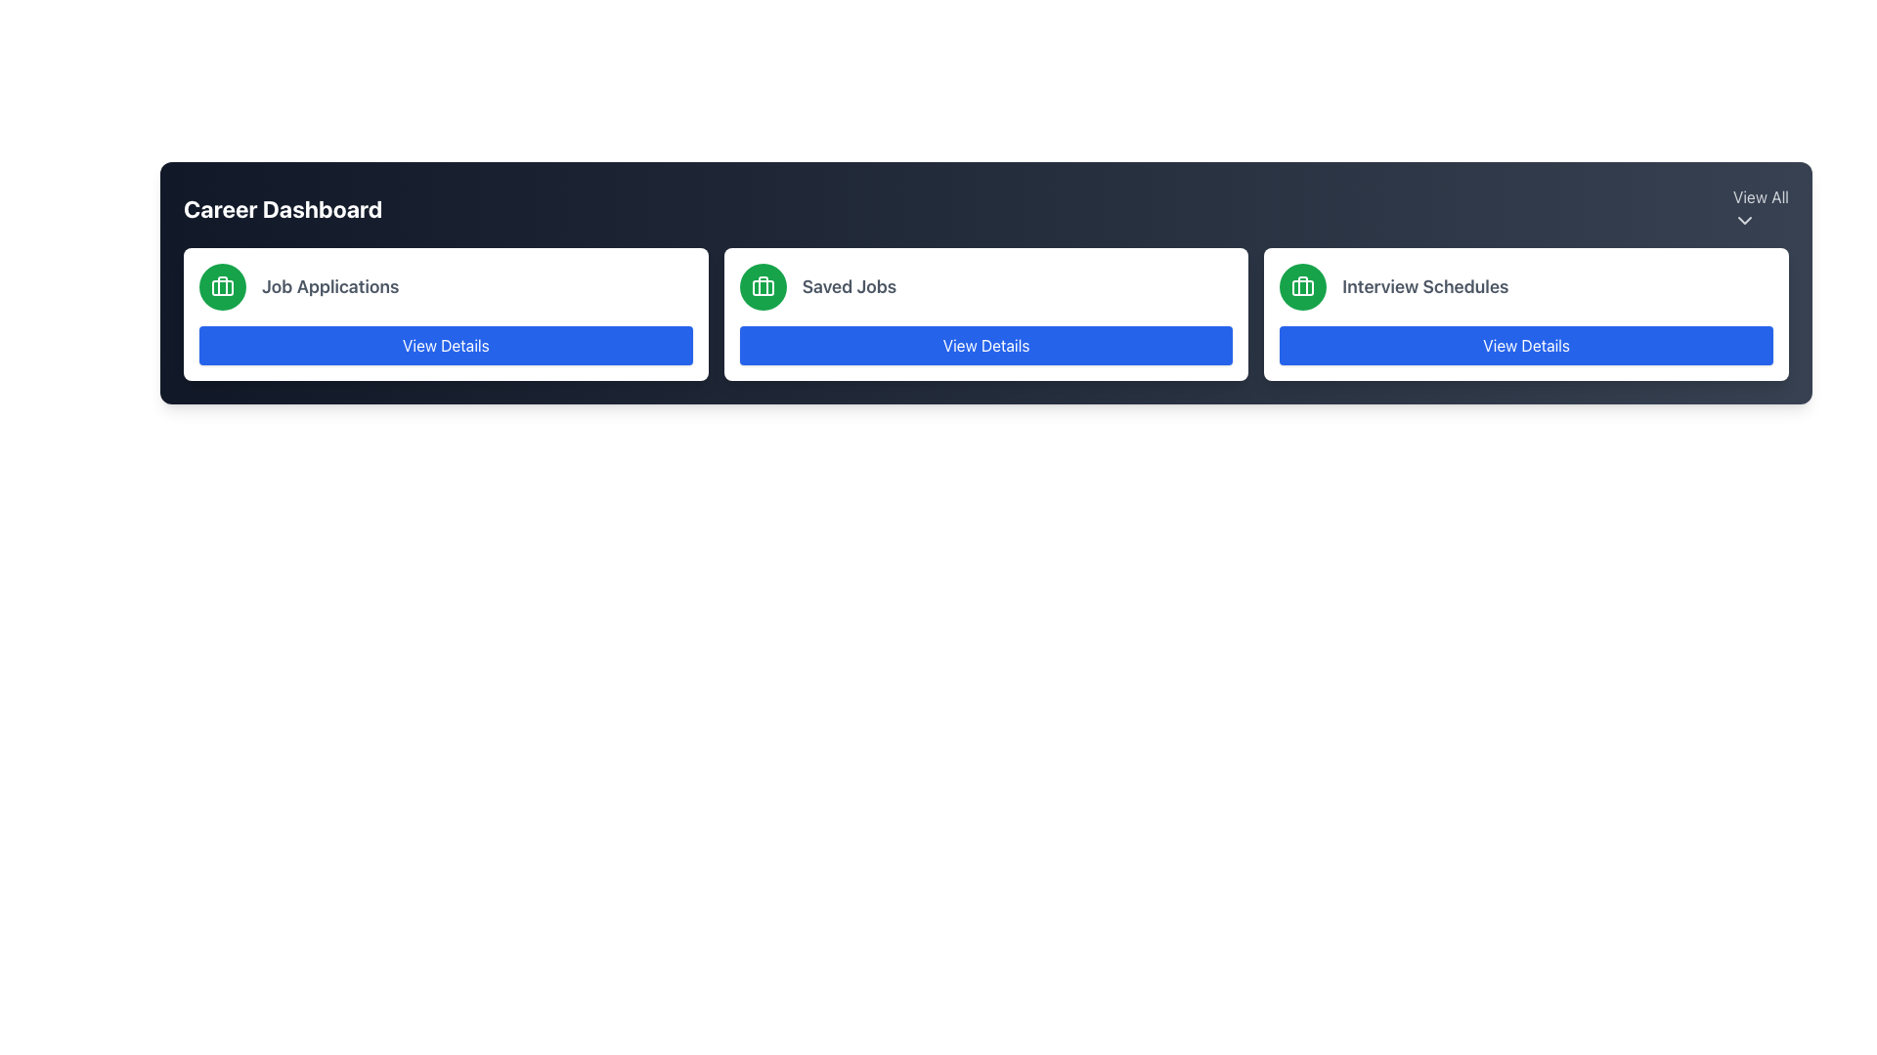  I want to click on the job applications icon, which is a central component within a circular green background, positioned at the top-left corner of the 'Job Applications' card interface, so click(222, 286).